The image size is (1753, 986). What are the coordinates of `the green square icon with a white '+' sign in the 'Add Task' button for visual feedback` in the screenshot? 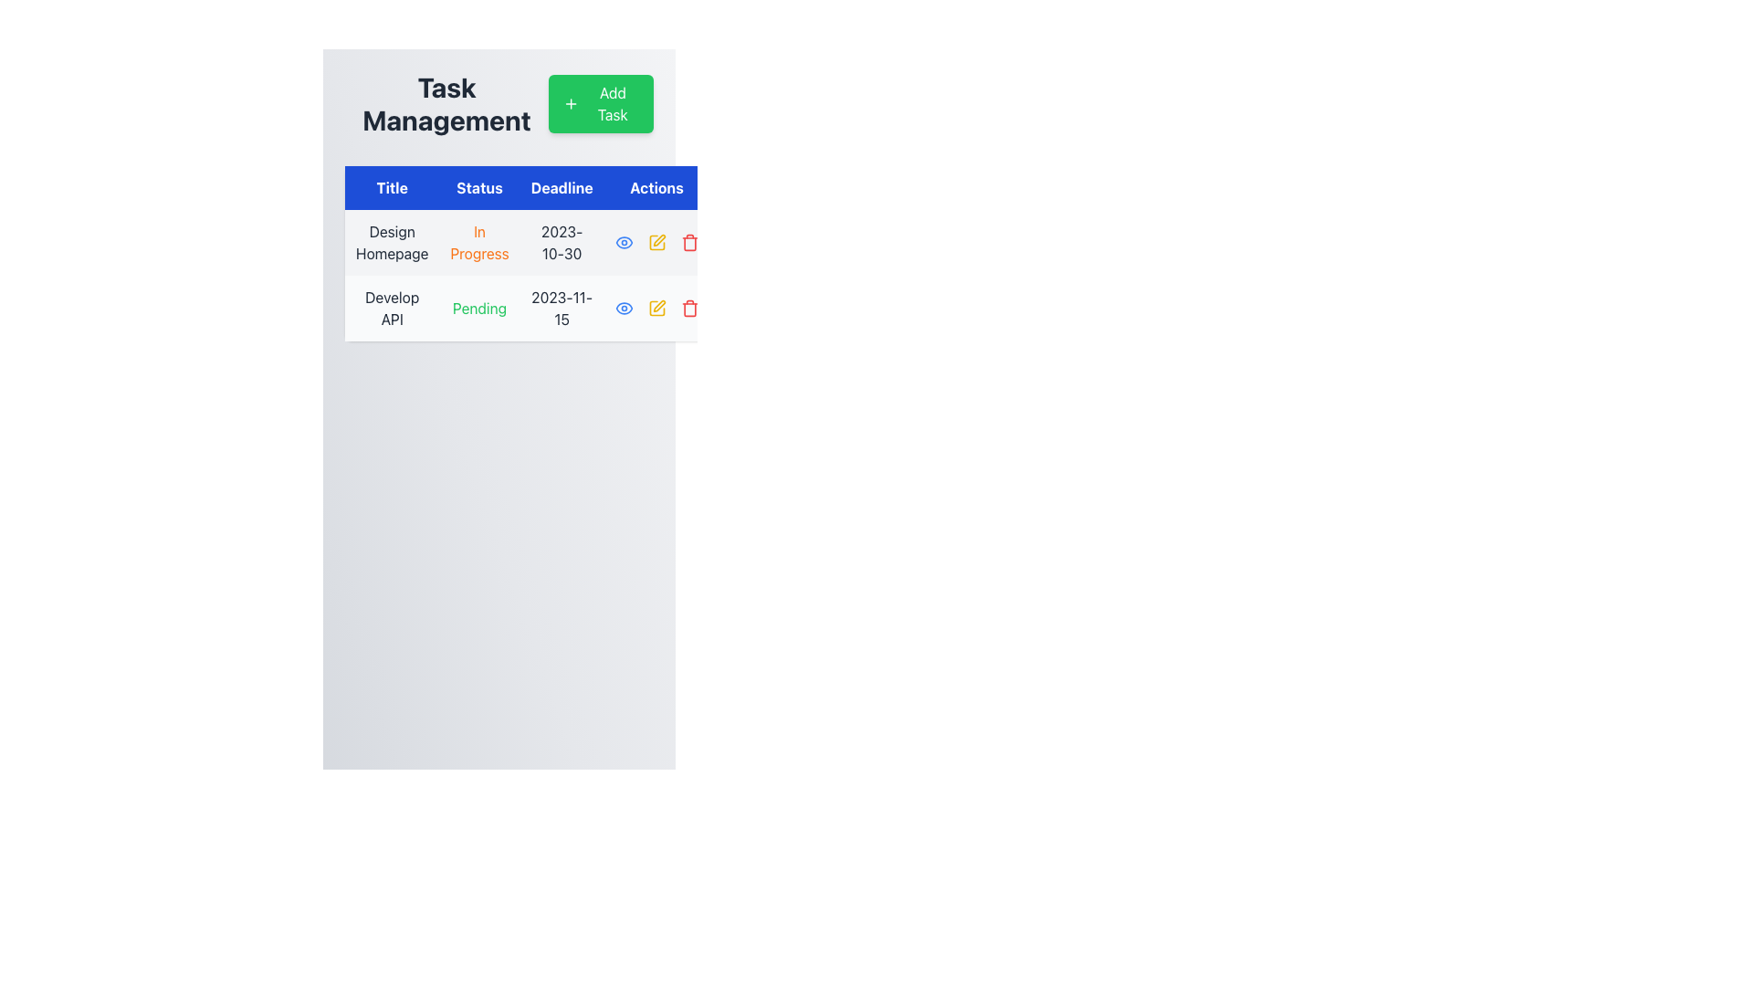 It's located at (570, 104).